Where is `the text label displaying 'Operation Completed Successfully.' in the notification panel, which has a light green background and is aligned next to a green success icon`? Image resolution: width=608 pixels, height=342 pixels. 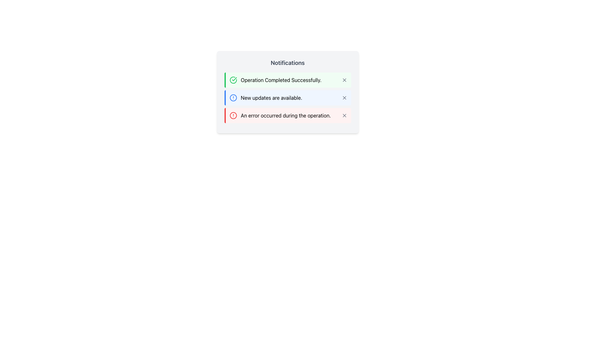
the text label displaying 'Operation Completed Successfully.' in the notification panel, which has a light green background and is aligned next to a green success icon is located at coordinates (281, 80).